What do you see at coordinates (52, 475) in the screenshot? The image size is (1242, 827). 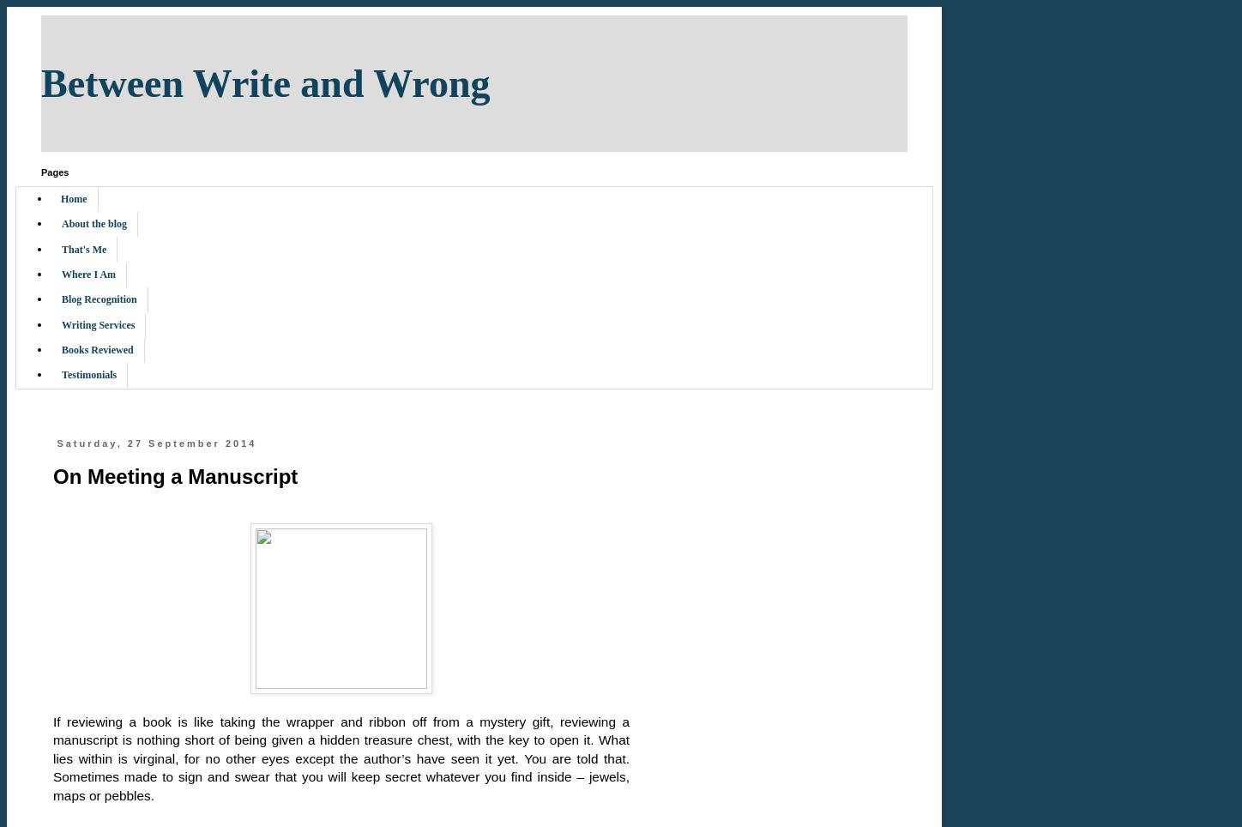 I see `'On Meeting a Manuscript'` at bounding box center [52, 475].